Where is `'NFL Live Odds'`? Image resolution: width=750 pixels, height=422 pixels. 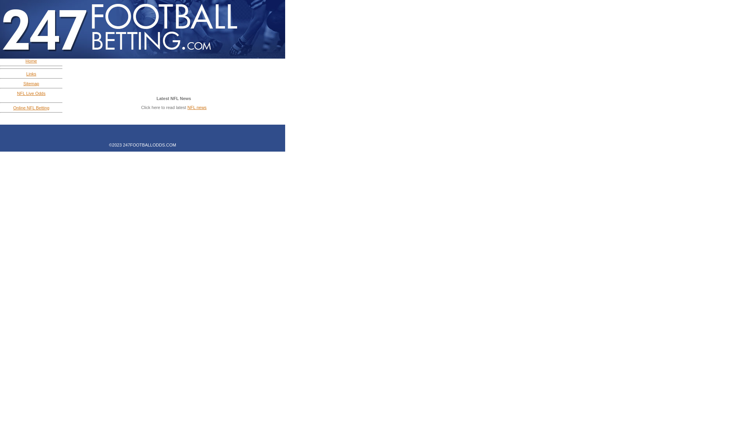
'NFL Live Odds' is located at coordinates (31, 93).